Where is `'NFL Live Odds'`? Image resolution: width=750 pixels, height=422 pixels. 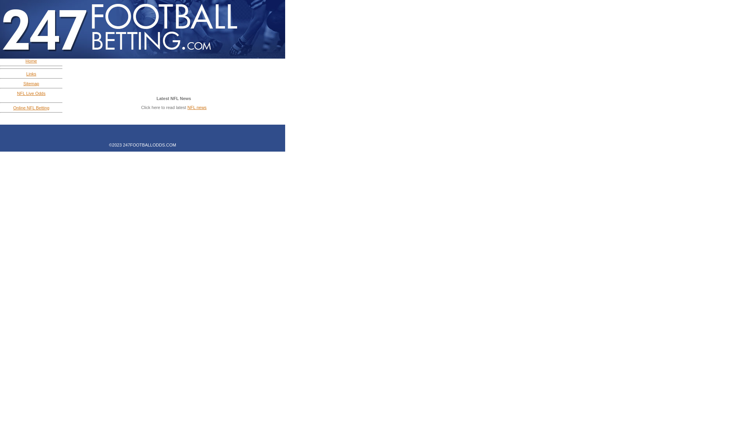
'NFL Live Odds' is located at coordinates (31, 93).